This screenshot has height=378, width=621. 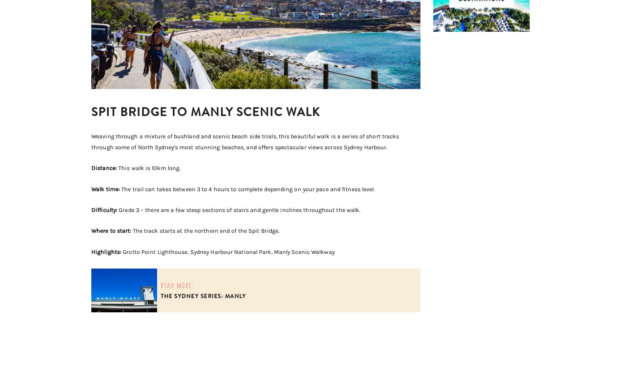 What do you see at coordinates (206, 231) in the screenshot?
I see `'The track starts at the northern end of the Spit Bridge.'` at bounding box center [206, 231].